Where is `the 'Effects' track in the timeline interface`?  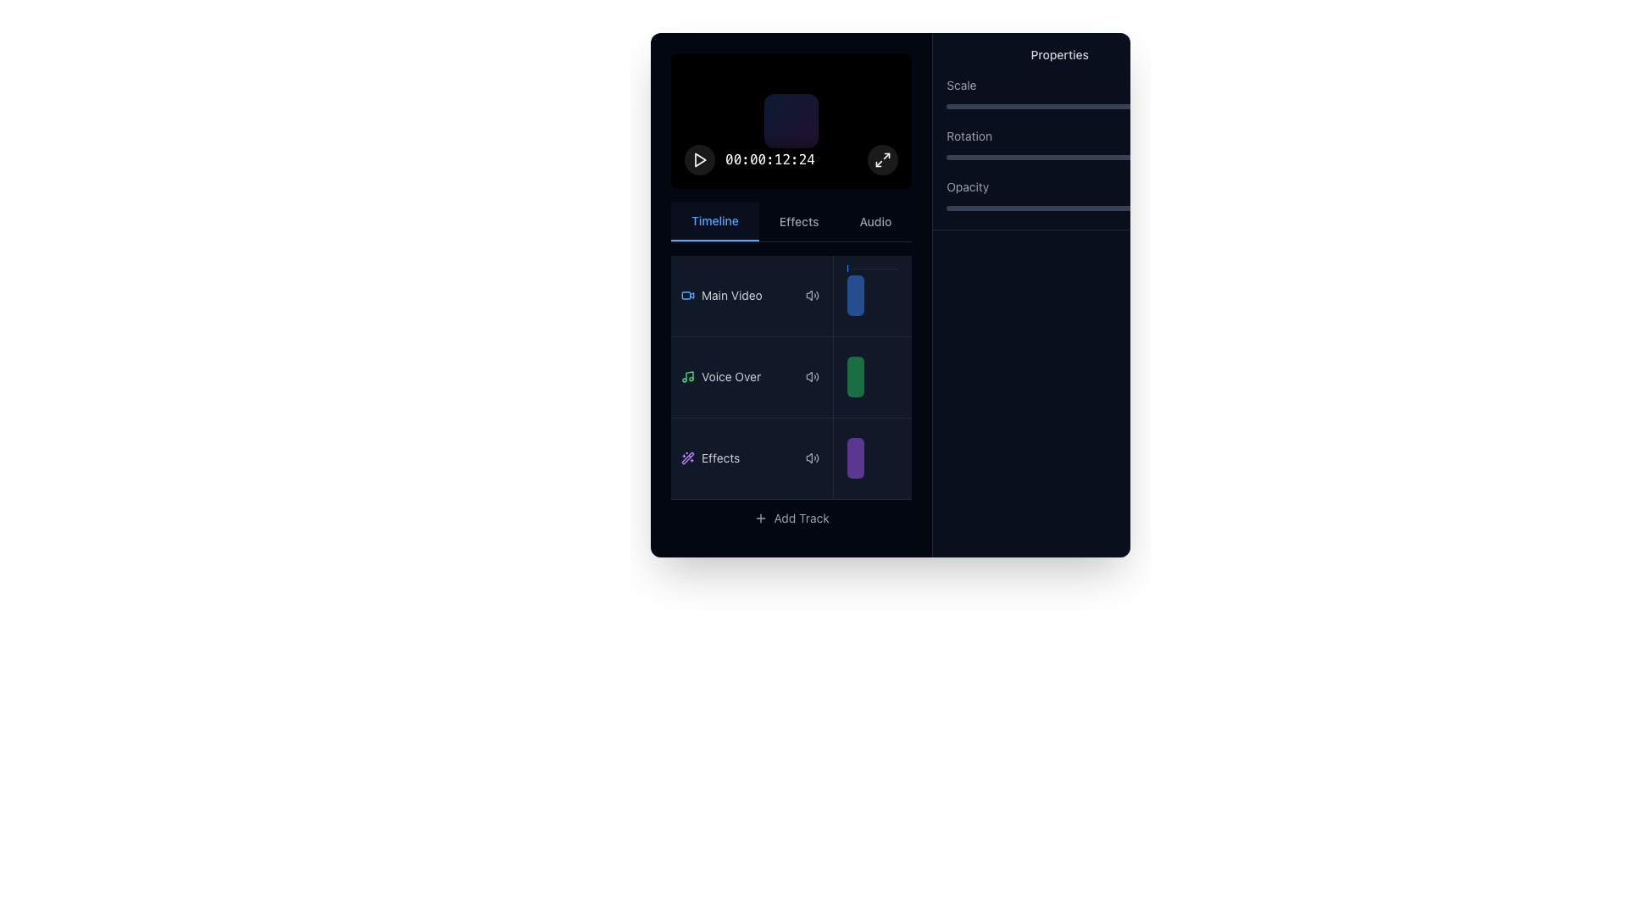
the 'Effects' track in the timeline interface is located at coordinates (752, 457).